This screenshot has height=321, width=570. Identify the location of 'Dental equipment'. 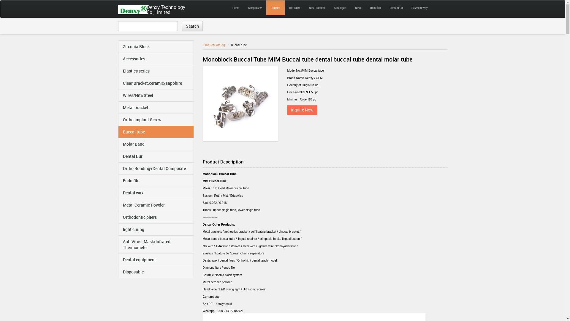
(156, 259).